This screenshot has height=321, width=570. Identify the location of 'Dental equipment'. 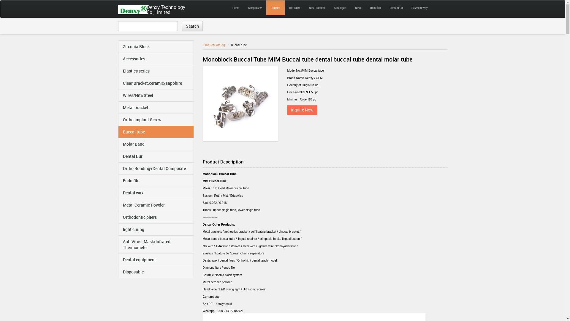
(156, 259).